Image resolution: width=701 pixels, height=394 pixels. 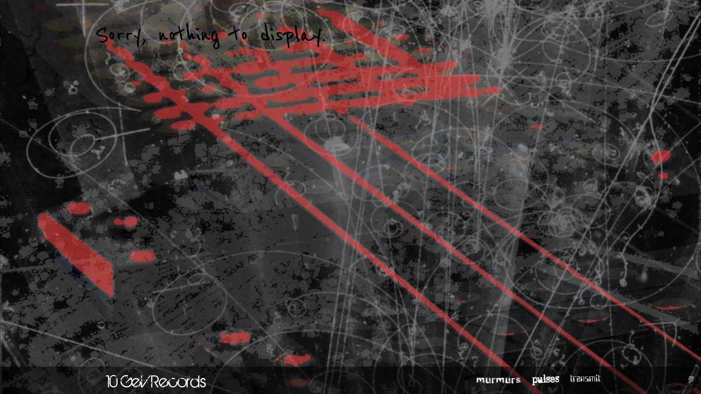 I want to click on '10 GeV Records', so click(x=156, y=381).